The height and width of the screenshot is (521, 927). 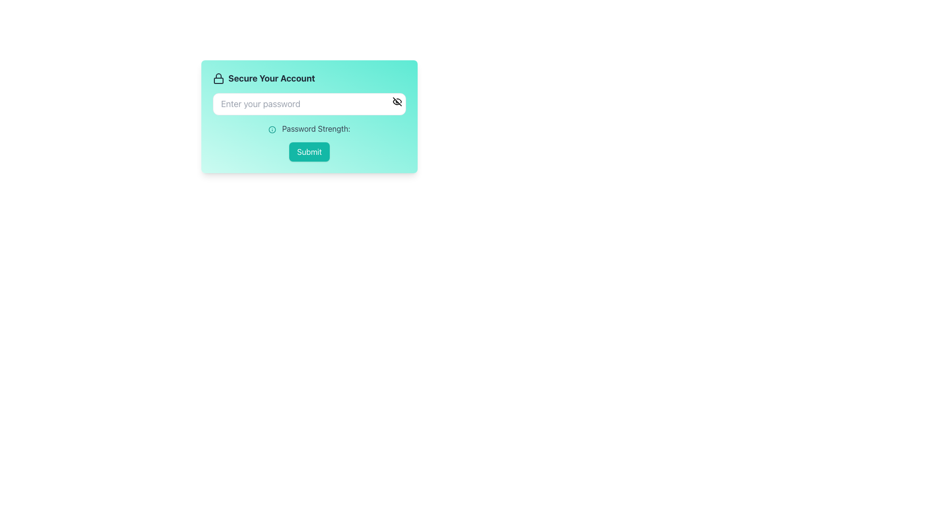 What do you see at coordinates (397, 102) in the screenshot?
I see `the icon button located on the extreme right of the password input field` at bounding box center [397, 102].